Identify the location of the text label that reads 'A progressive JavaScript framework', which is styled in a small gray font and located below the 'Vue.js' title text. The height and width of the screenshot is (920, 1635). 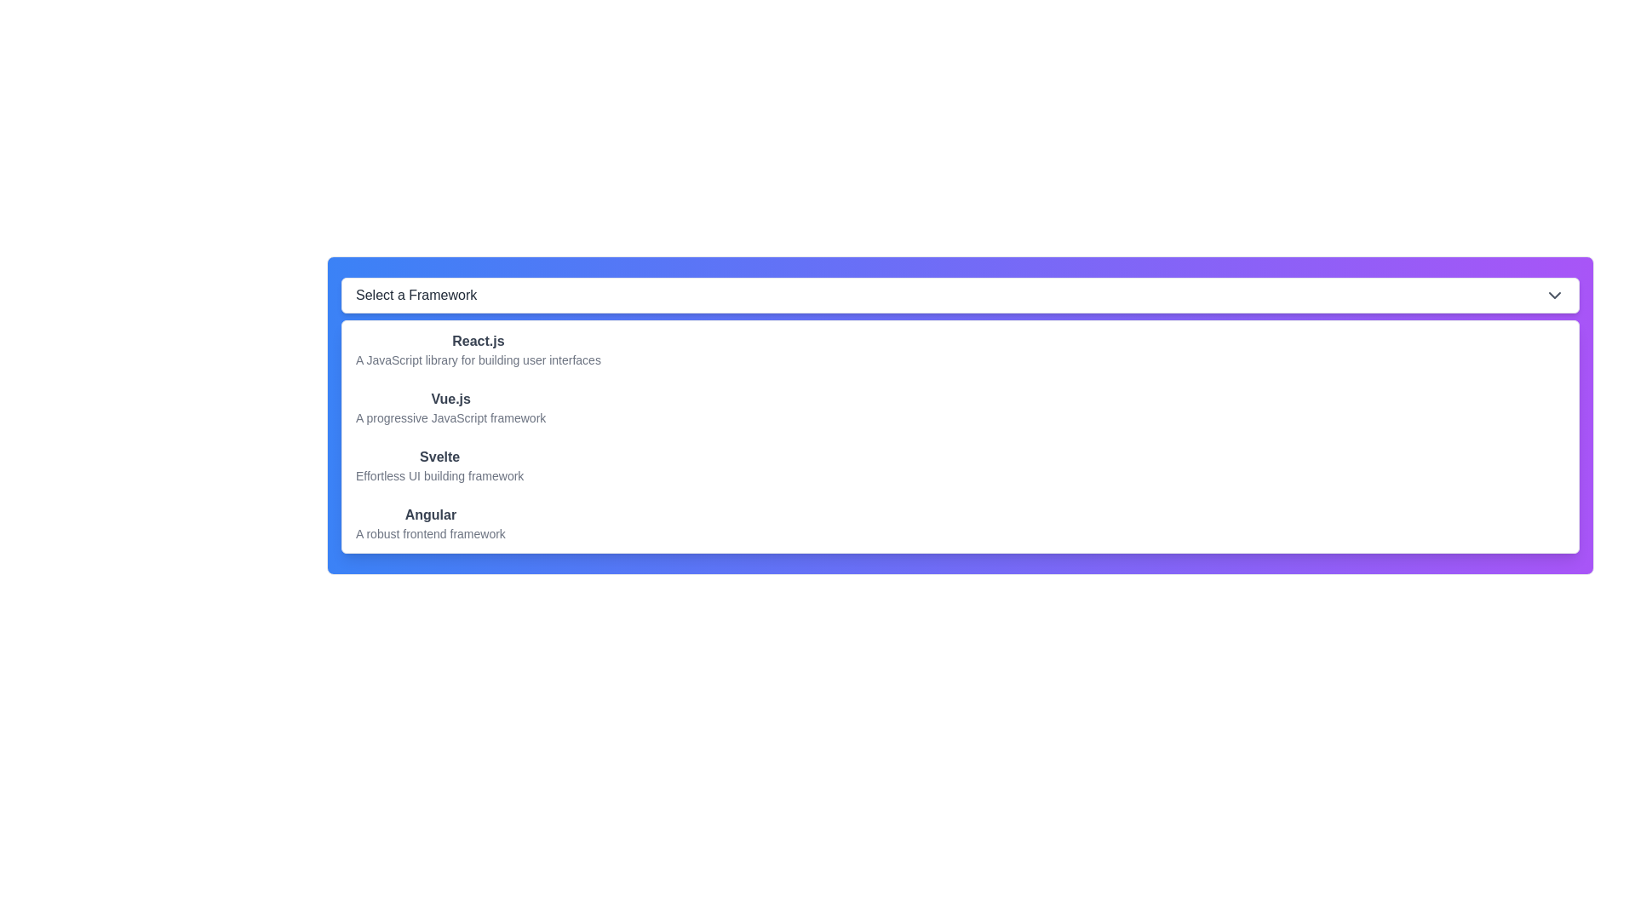
(450, 417).